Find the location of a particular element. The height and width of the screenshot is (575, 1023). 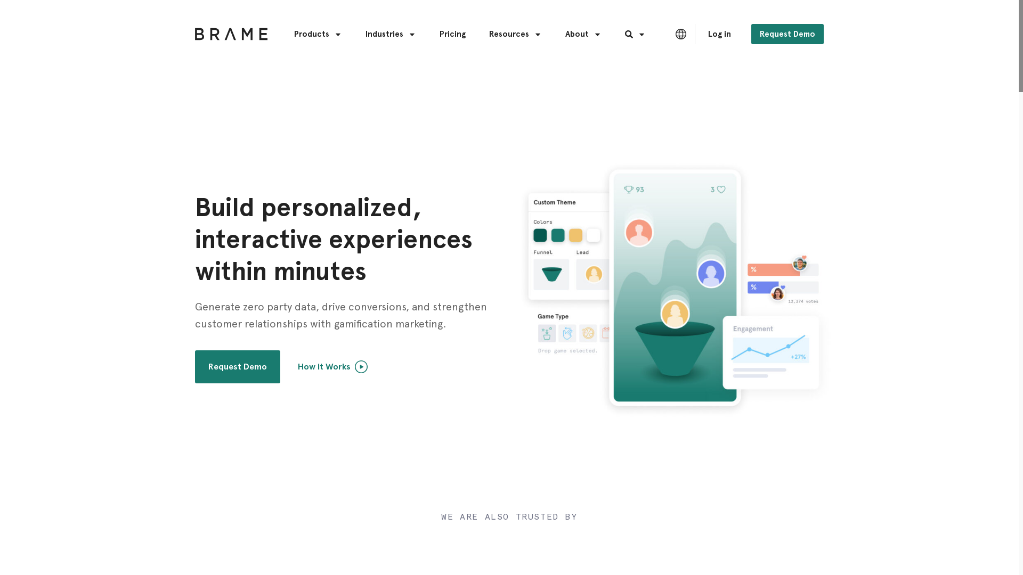

'Log in' is located at coordinates (719, 34).